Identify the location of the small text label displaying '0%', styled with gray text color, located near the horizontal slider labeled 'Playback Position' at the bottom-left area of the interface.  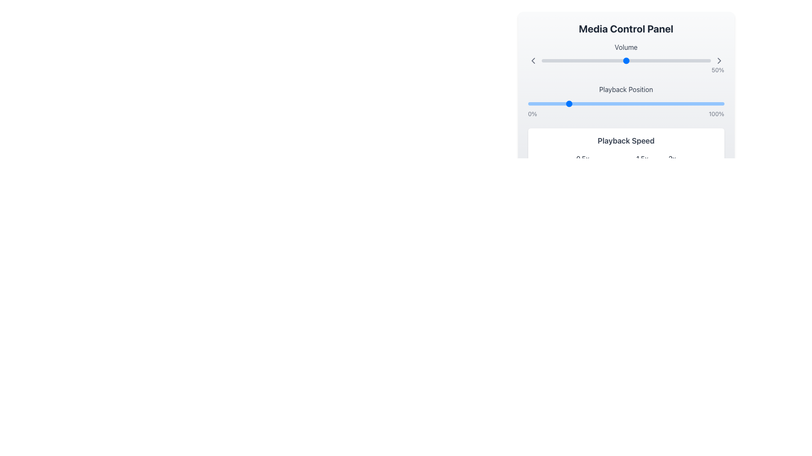
(532, 114).